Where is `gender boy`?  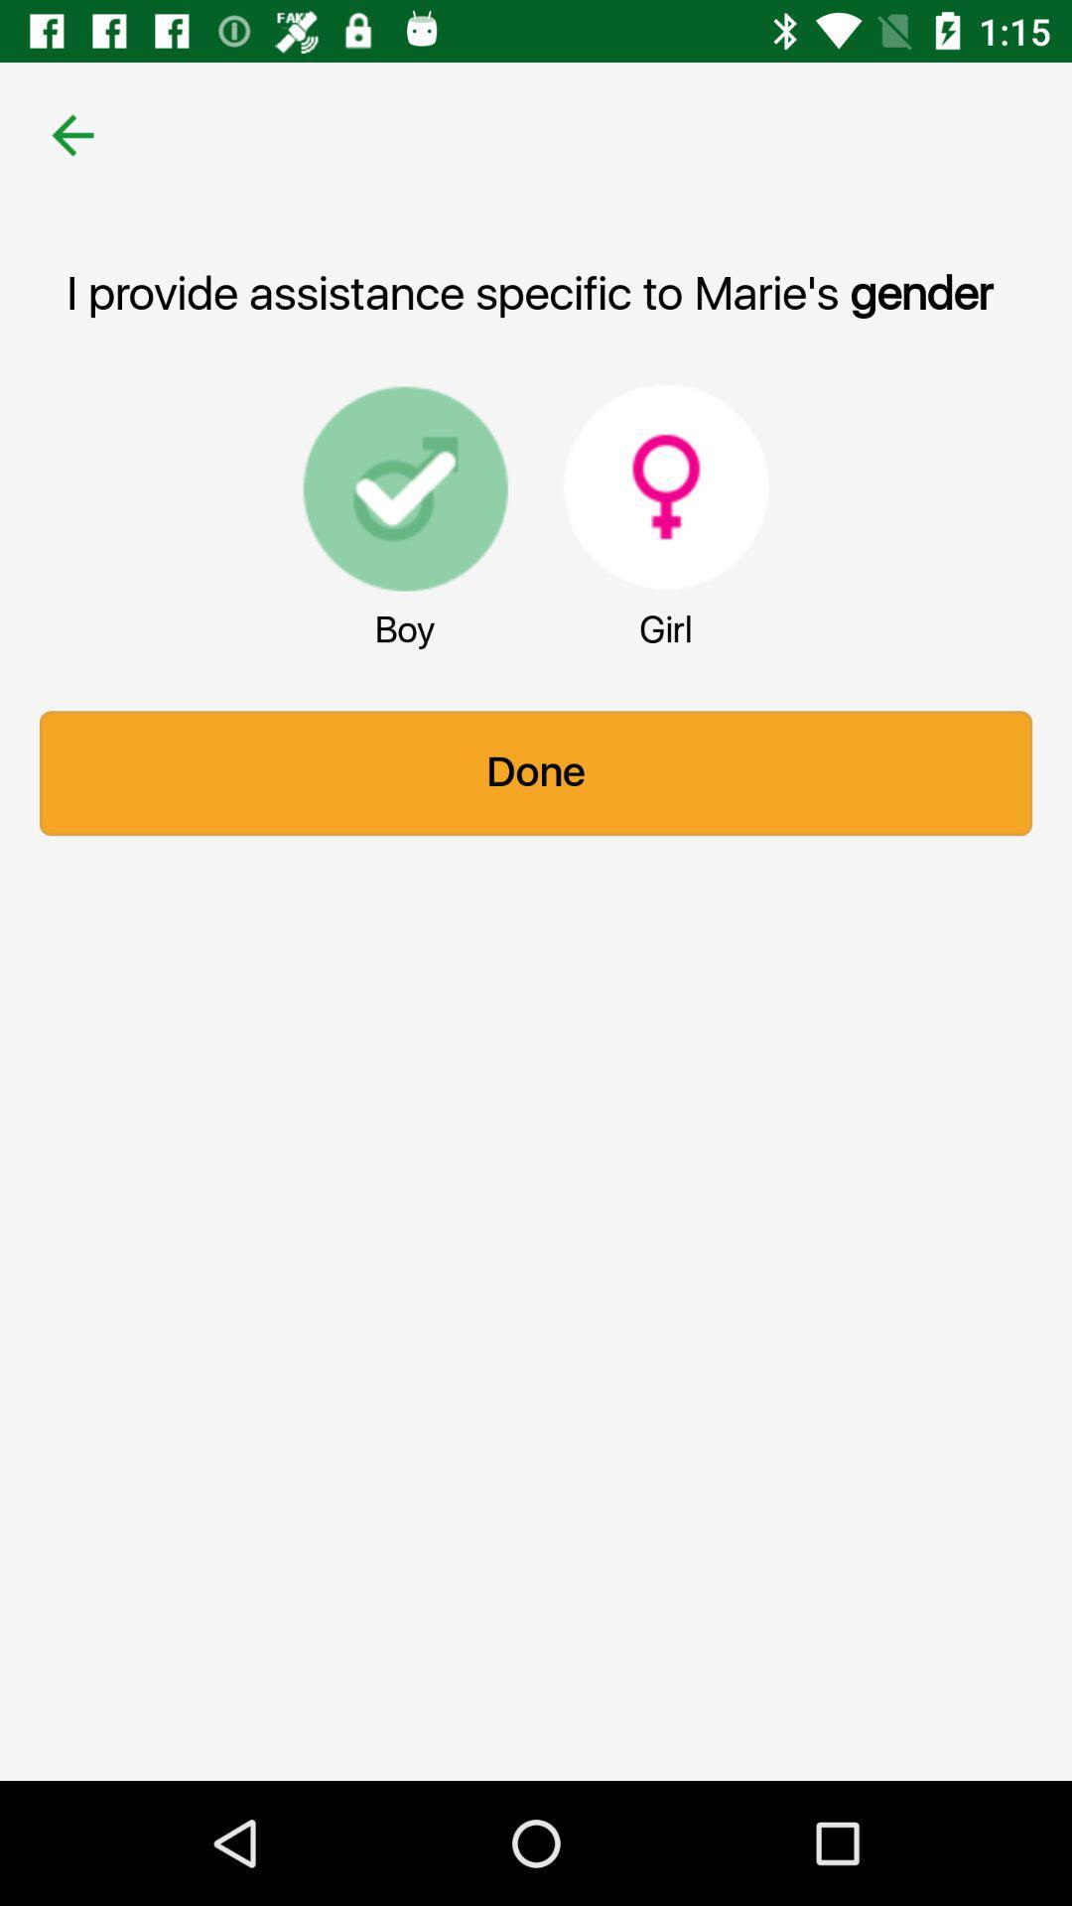
gender boy is located at coordinates (404, 486).